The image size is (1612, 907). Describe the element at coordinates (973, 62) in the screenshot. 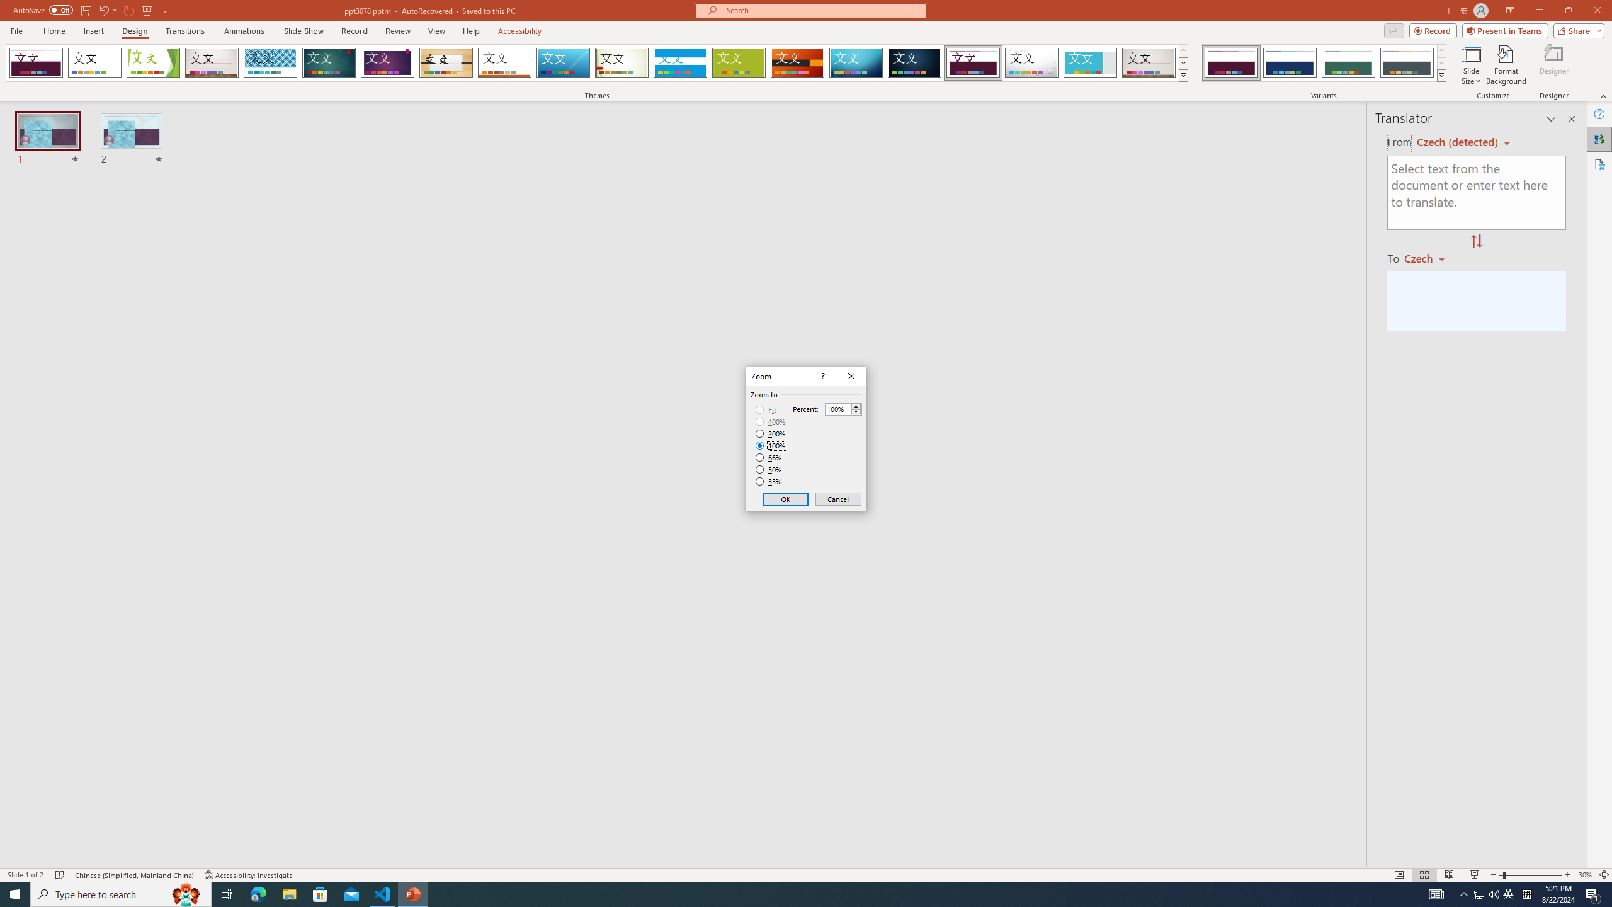

I see `'Dividend'` at that location.